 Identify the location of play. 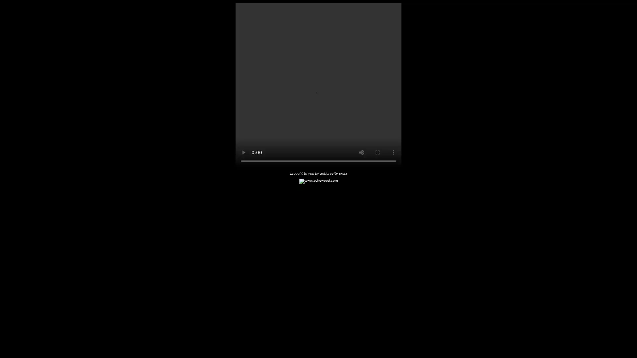
(243, 152).